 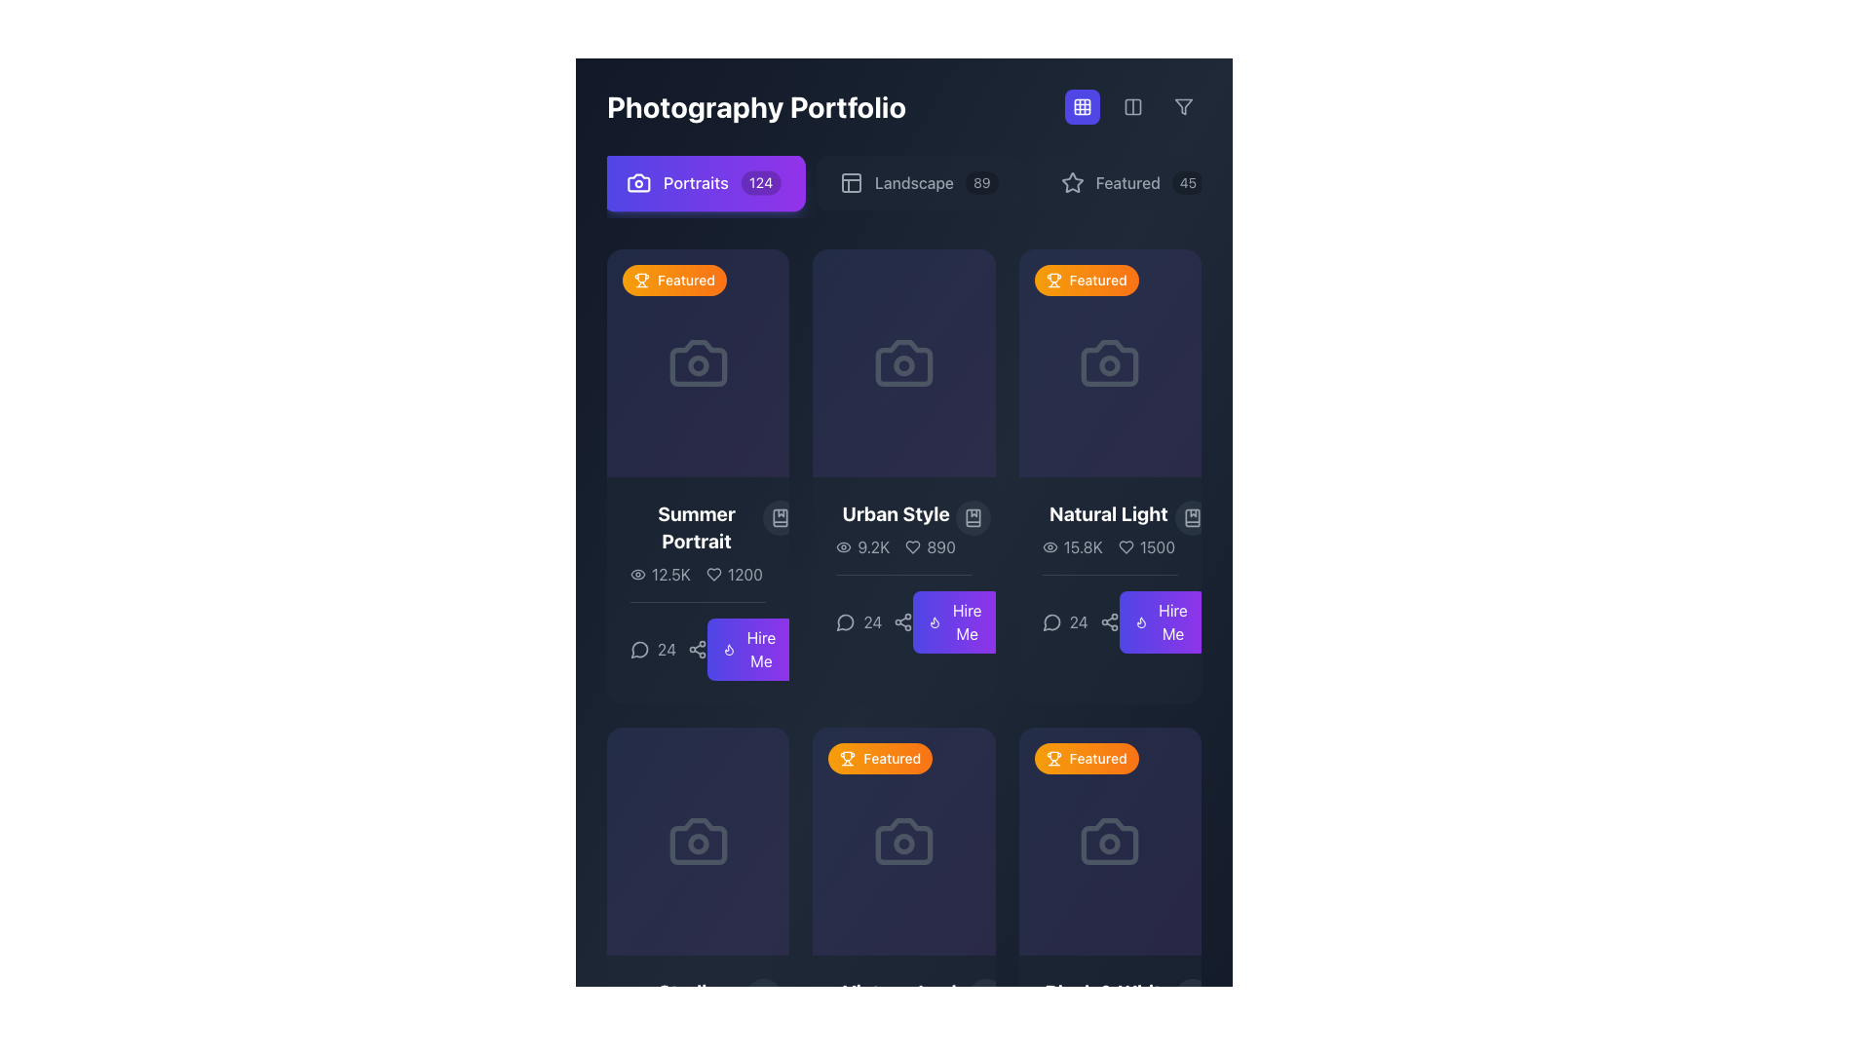 What do you see at coordinates (744, 574) in the screenshot?
I see `the numerical text label '1200' displayed in white font on a dark background, located to the right of a heart icon` at bounding box center [744, 574].